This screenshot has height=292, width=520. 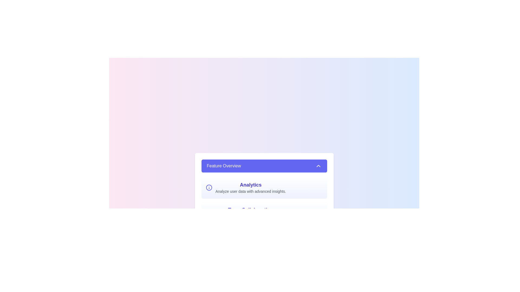 What do you see at coordinates (264, 165) in the screenshot?
I see `the wide rectangular button labeled 'Feature Overview' with a purple background` at bounding box center [264, 165].